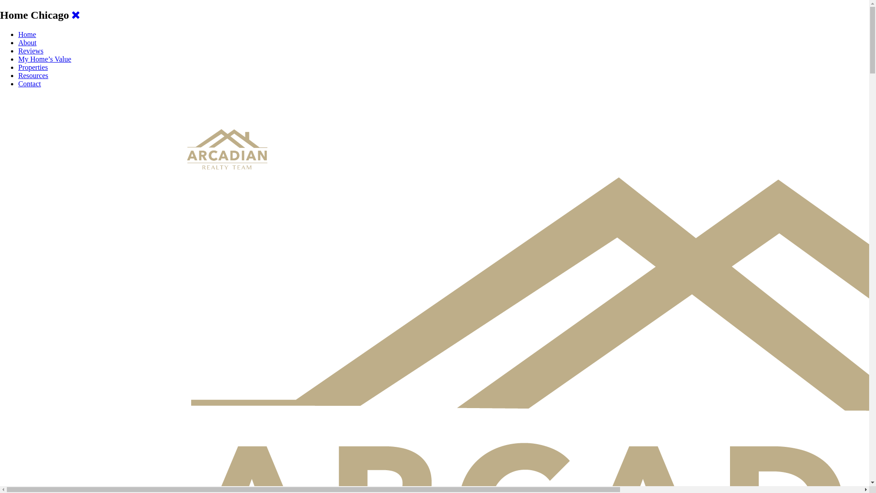  Describe the element at coordinates (27, 42) in the screenshot. I see `'About'` at that location.